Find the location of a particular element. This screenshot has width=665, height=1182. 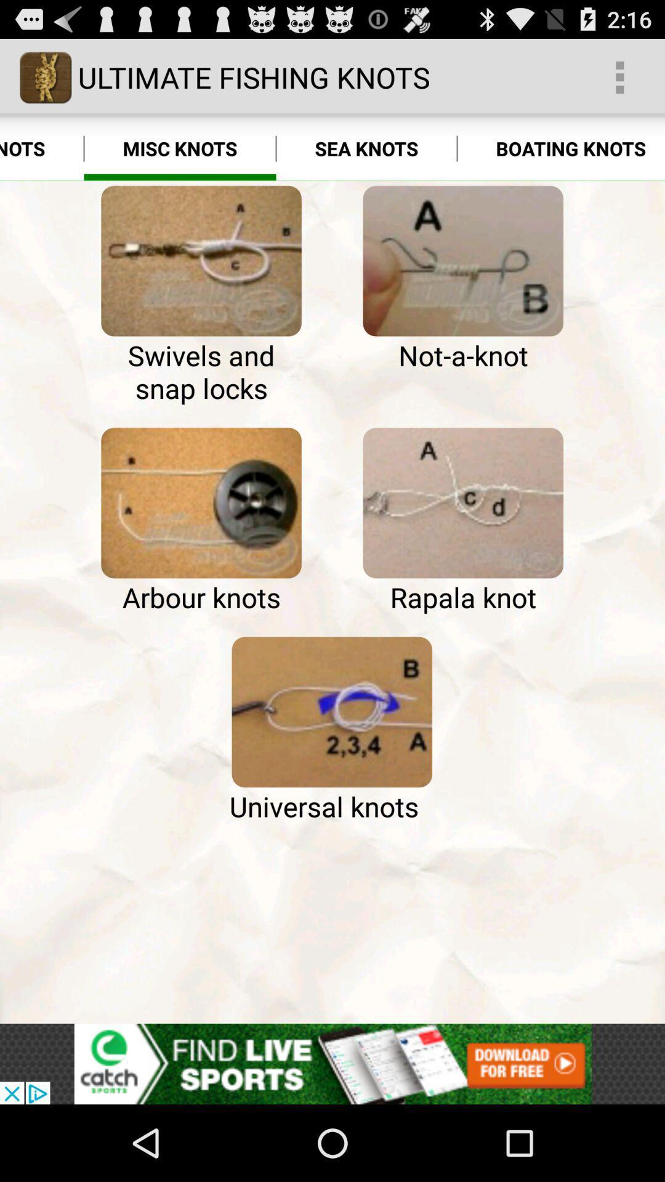

show arbour knots is located at coordinates (201, 503).